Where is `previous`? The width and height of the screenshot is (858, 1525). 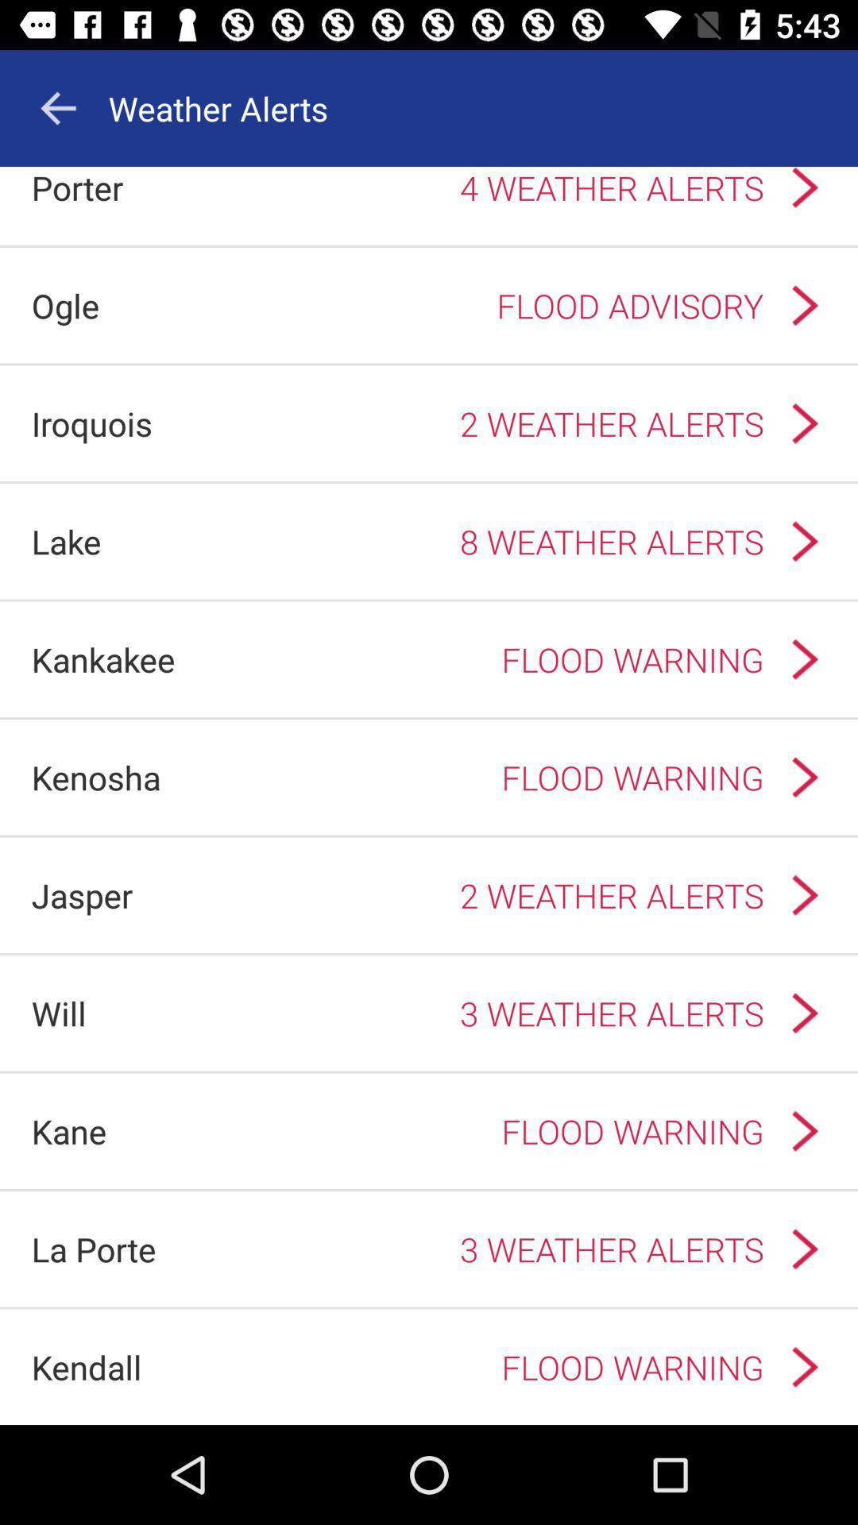
previous is located at coordinates (57, 107).